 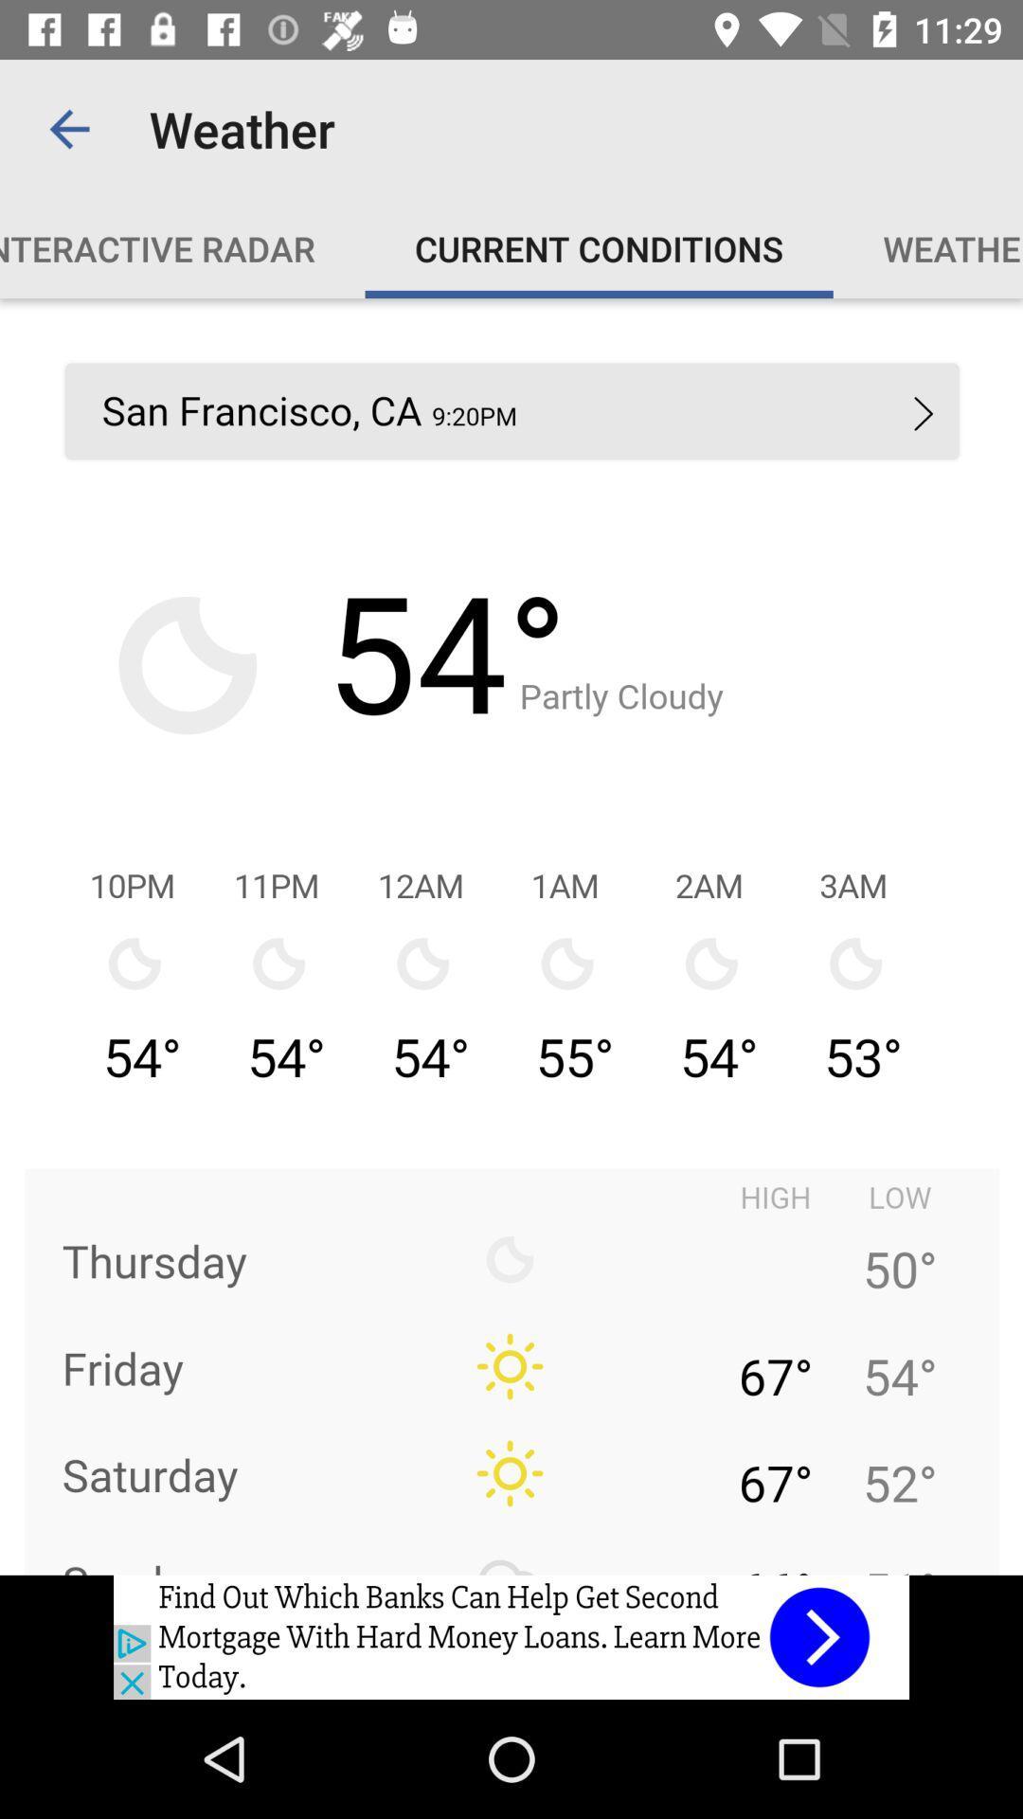 I want to click on the screenshot, so click(x=511, y=936).